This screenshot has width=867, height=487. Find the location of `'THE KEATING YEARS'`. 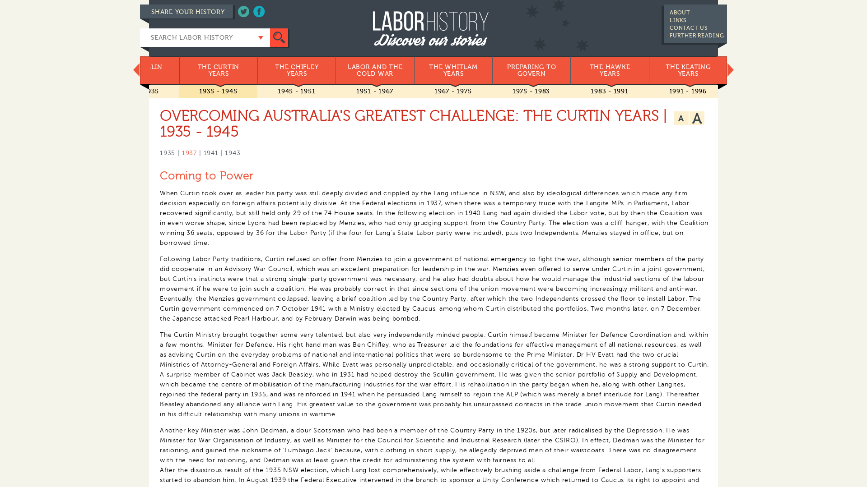

'THE KEATING YEARS' is located at coordinates (687, 70).